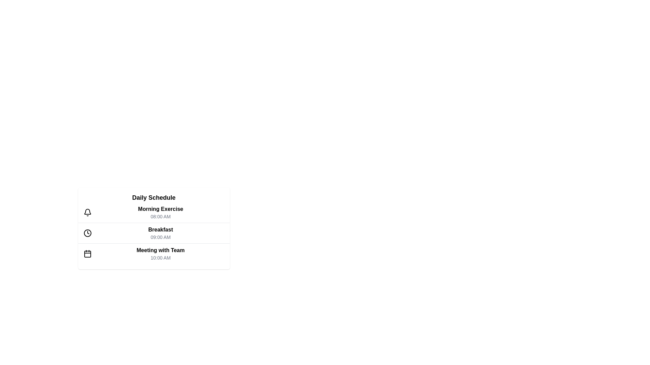 The width and height of the screenshot is (650, 365). I want to click on details of the schedule entry for the event titled 'Breakfast' scheduled at '09:00 AM', which is the second item in a vertical list of events, so click(153, 233).